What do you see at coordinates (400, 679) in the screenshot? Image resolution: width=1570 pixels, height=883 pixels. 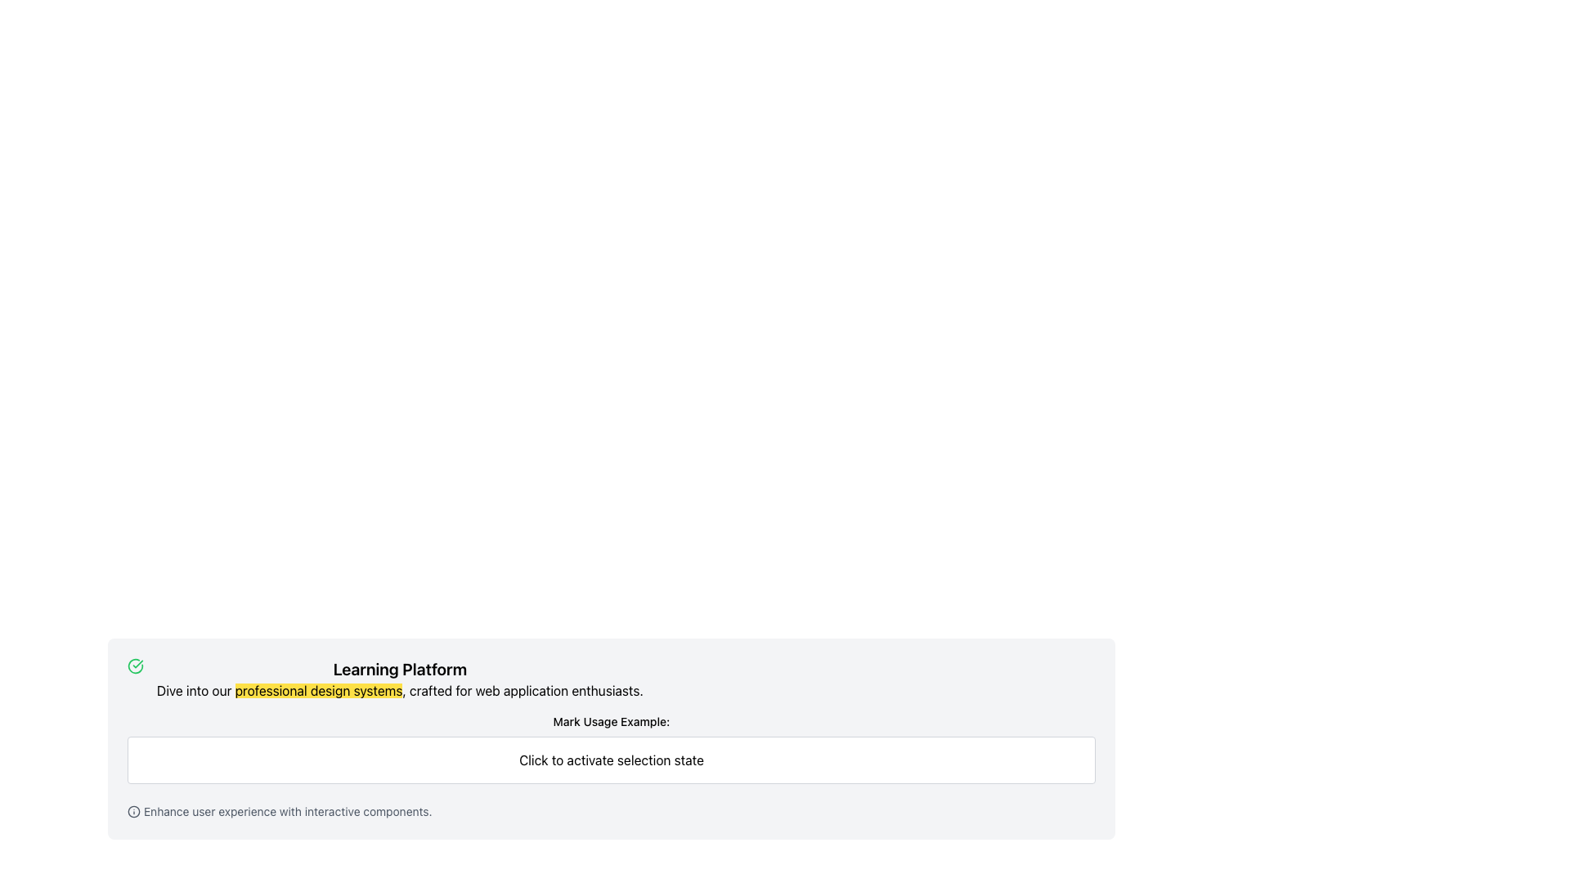 I see `the text within the informational header Text Block located beneath the green circular checkmark icon` at bounding box center [400, 679].